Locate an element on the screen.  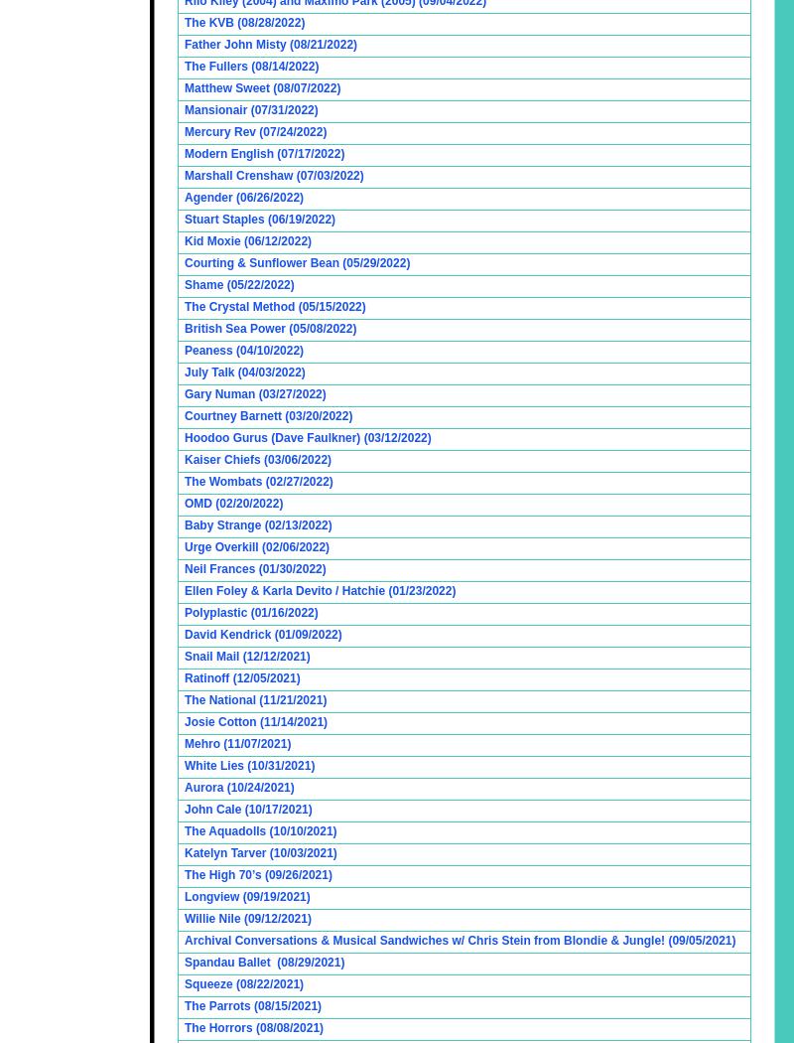
'Neil Frances (01/30/2022)' is located at coordinates (253, 567).